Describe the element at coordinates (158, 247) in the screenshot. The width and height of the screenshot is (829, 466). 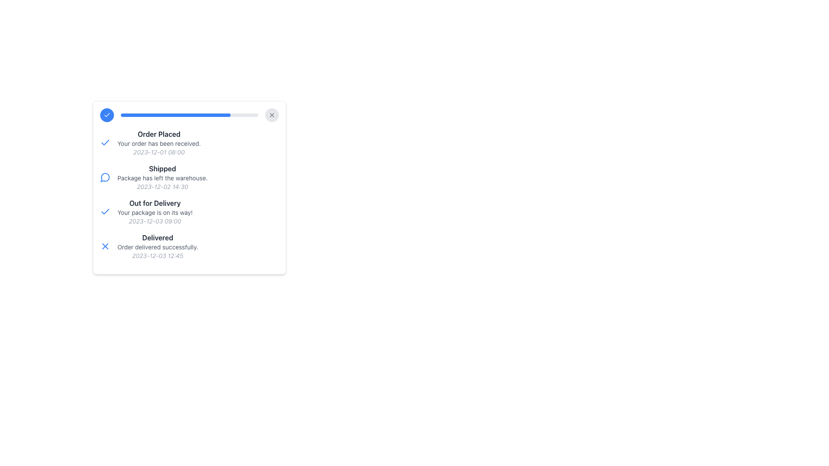
I see `the success message text indicating the completion status of the order, which is positioned below the 'Delivered' text and above the timestamp` at that location.